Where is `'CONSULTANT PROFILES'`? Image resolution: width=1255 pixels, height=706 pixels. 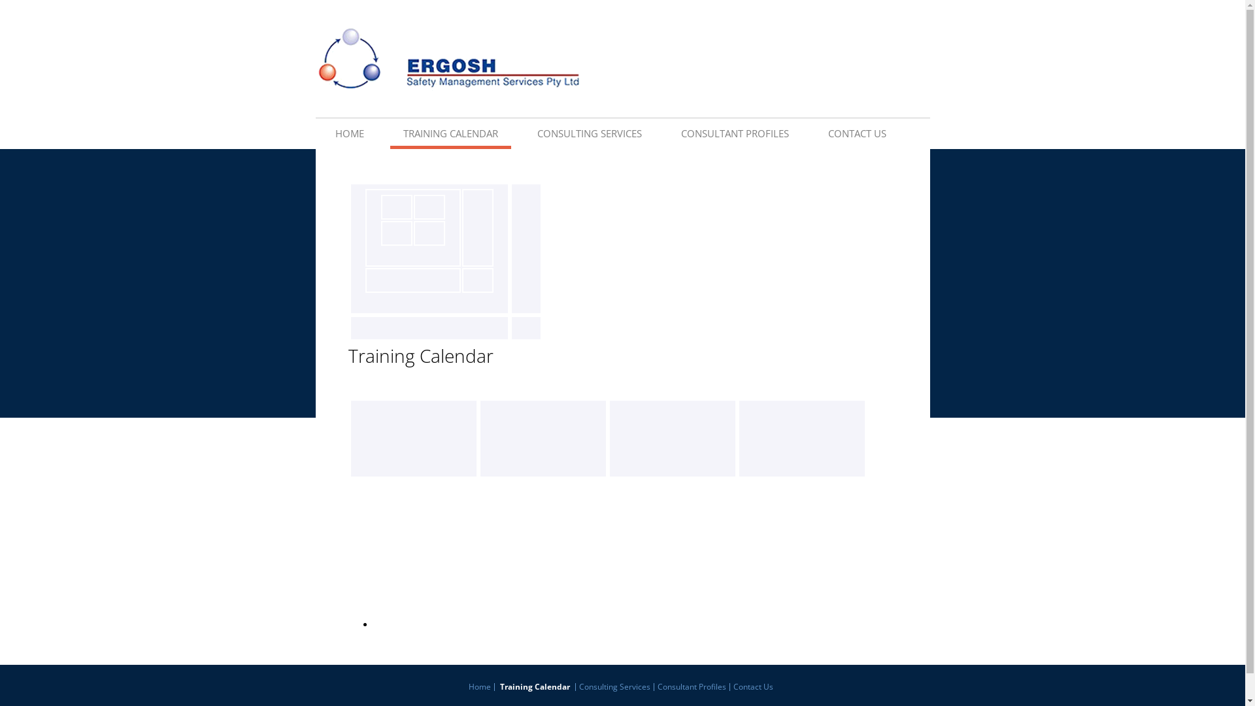
'CONSULTANT PROFILES' is located at coordinates (735, 131).